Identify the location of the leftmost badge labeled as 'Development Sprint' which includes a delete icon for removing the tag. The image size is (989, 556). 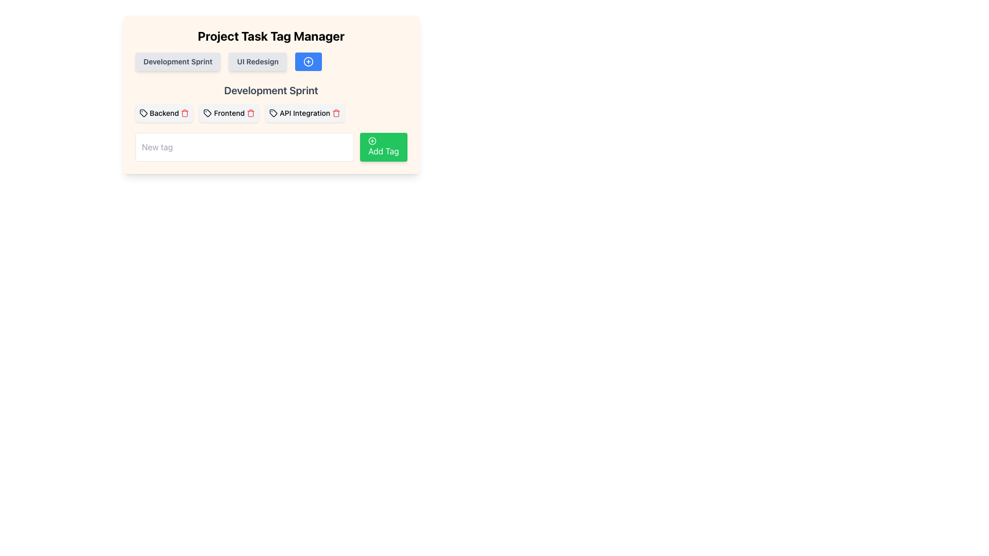
(163, 113).